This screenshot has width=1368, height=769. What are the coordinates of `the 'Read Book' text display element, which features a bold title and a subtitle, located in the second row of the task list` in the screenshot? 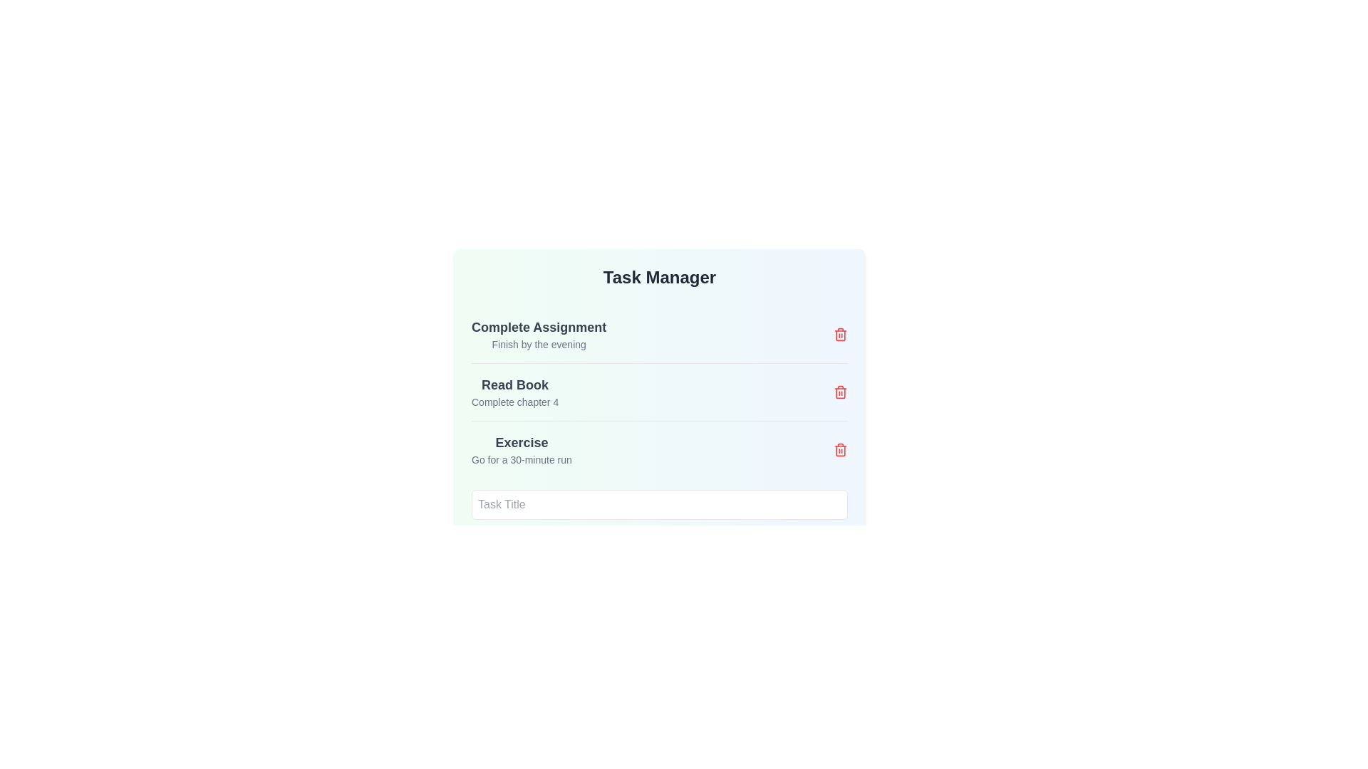 It's located at (514, 392).